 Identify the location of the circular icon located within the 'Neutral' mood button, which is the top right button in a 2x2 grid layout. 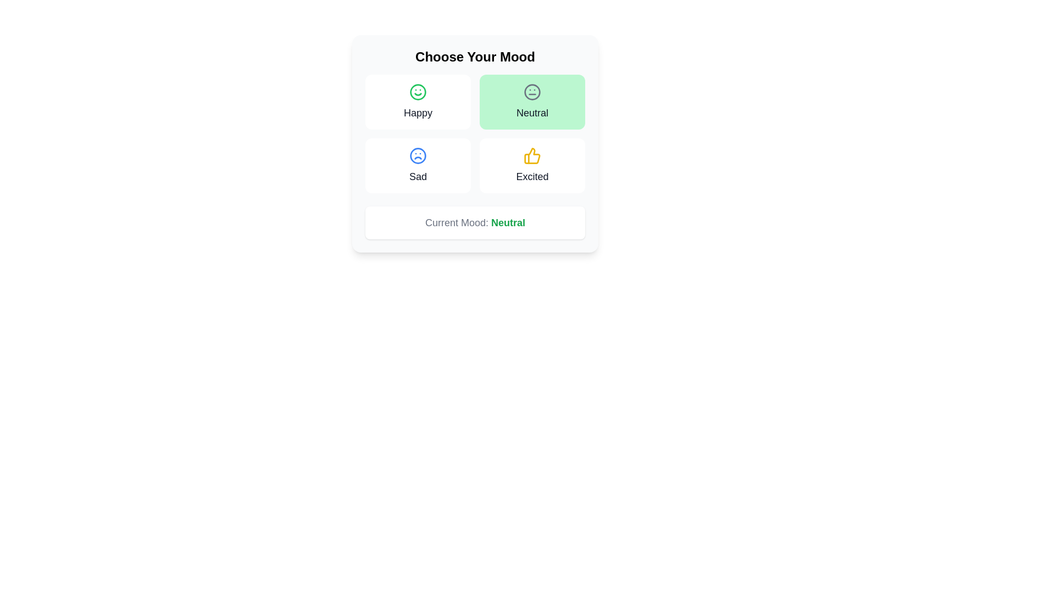
(532, 92).